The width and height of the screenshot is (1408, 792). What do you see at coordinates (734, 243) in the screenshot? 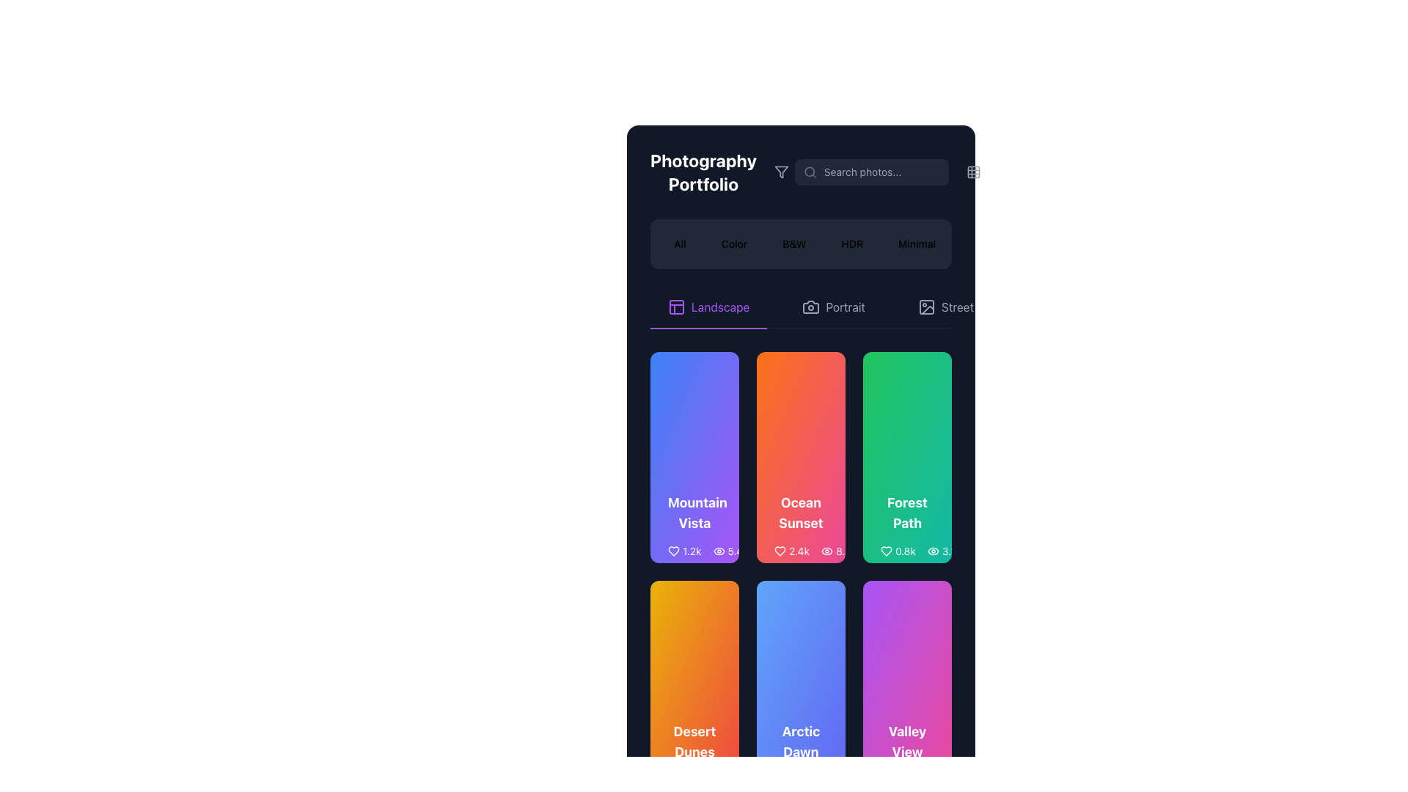
I see `the 'Color' button using keyboard navigation` at bounding box center [734, 243].